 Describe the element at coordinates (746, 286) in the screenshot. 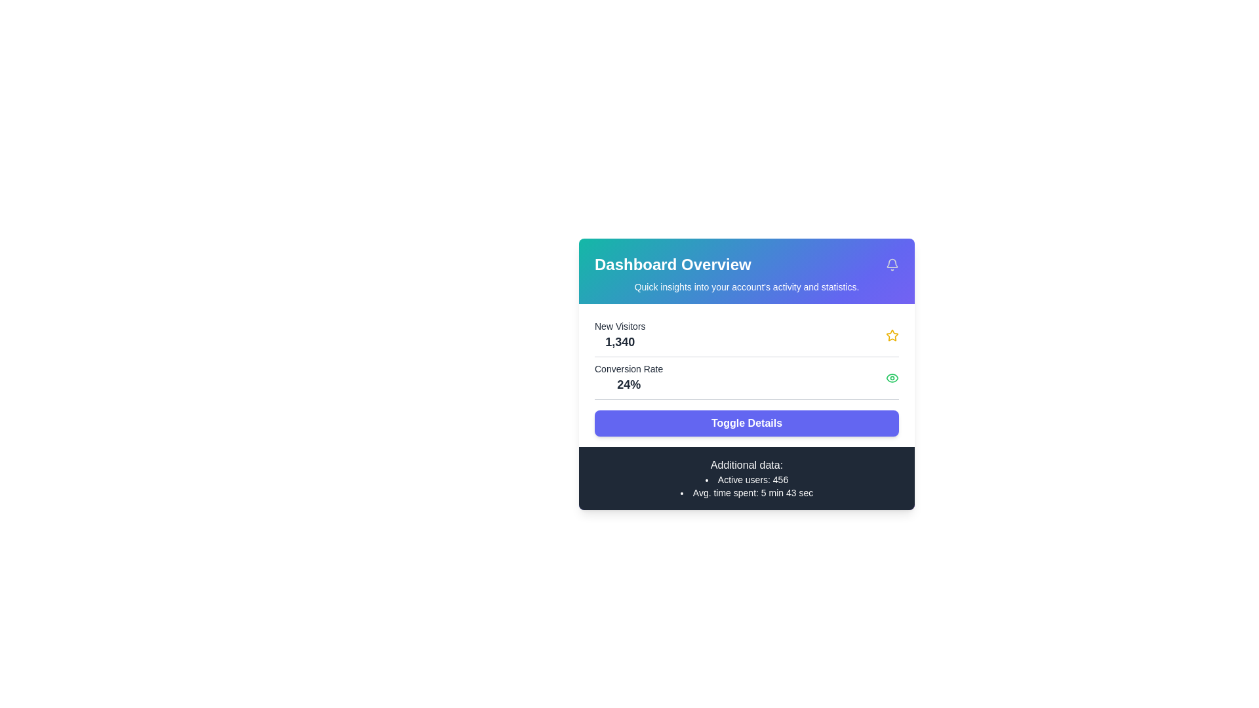

I see `the text label displaying 'Quick insights into your account's activity and statistics.' located beneath the heading 'Dashboard Overview.'` at that location.